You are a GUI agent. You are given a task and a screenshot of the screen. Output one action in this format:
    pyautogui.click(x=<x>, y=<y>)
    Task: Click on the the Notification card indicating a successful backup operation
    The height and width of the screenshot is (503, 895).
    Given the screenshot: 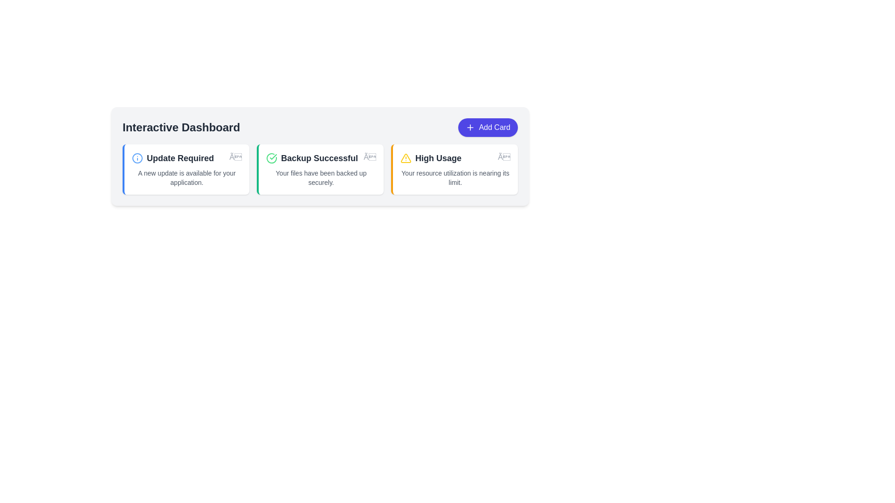 What is the action you would take?
    pyautogui.click(x=320, y=169)
    